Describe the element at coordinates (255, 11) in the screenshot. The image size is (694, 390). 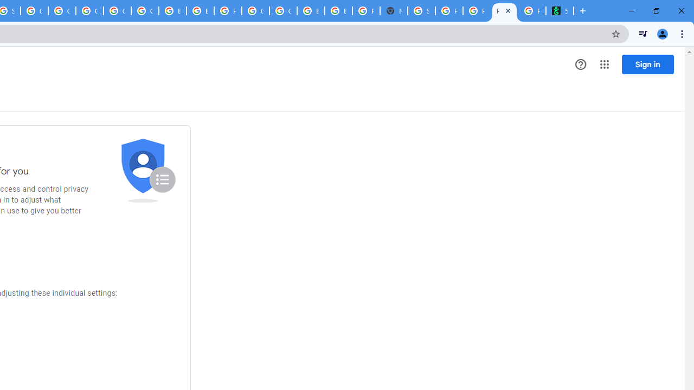
I see `'Google Cloud Platform'` at that location.